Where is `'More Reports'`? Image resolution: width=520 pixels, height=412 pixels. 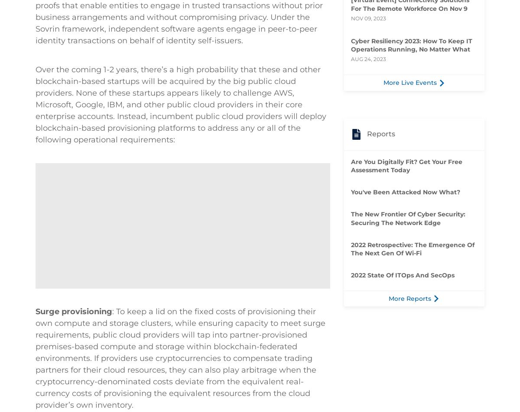 'More Reports' is located at coordinates (409, 298).